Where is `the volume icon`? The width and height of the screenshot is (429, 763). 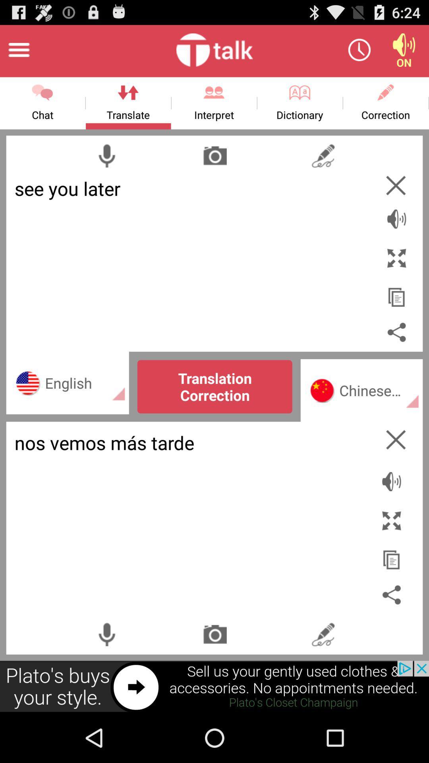
the volume icon is located at coordinates (396, 229).